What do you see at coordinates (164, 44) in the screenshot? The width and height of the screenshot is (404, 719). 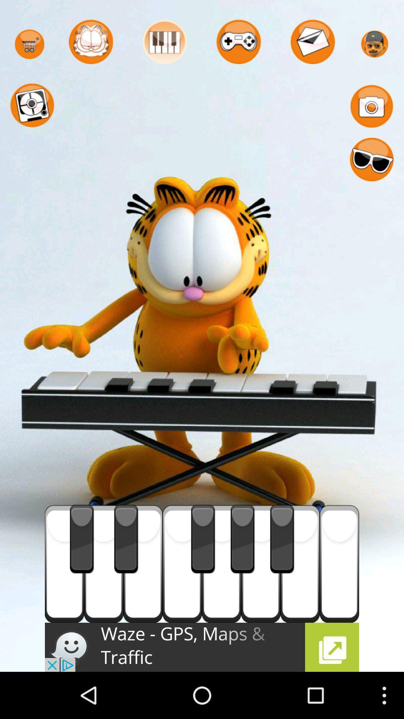 I see `the sliders icon` at bounding box center [164, 44].